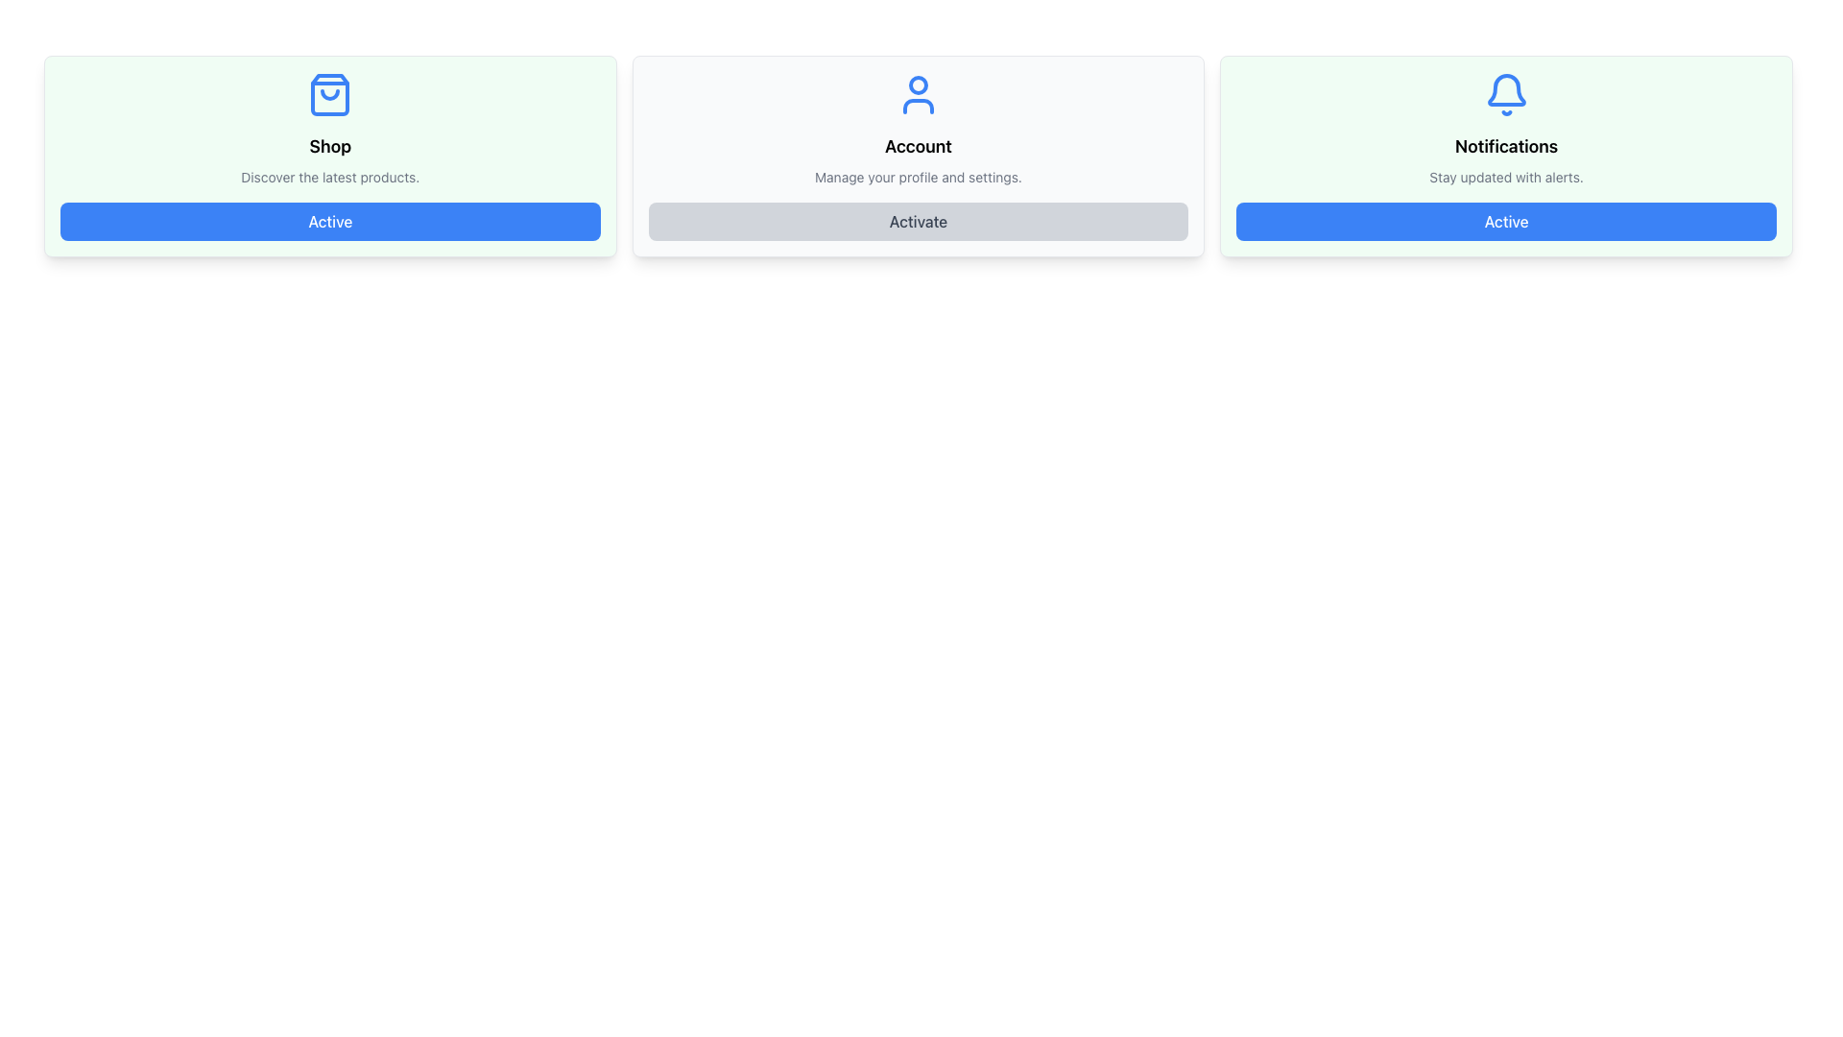 The height and width of the screenshot is (1037, 1843). What do you see at coordinates (1505, 221) in the screenshot?
I see `the blue button labeled 'Active' located at the bottom center of the 'Notifications' card` at bounding box center [1505, 221].